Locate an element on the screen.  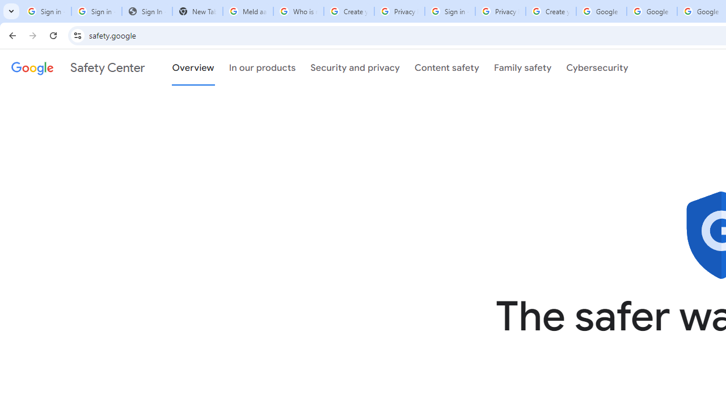
'Create your Google Account' is located at coordinates (551, 11).